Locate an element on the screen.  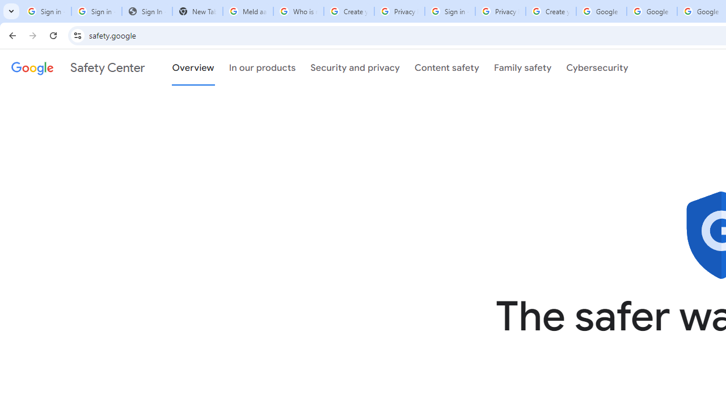
'Create your Google Account' is located at coordinates (551, 11).